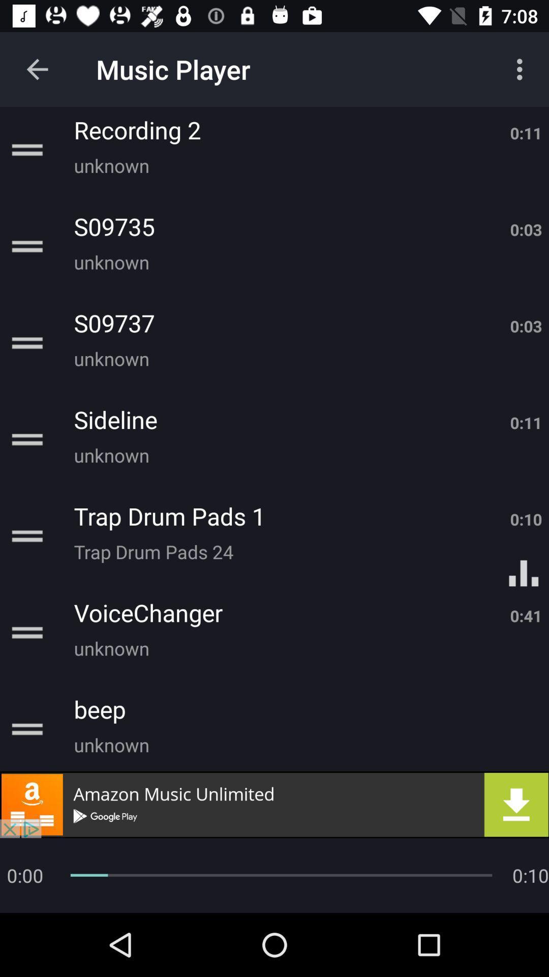  What do you see at coordinates (274, 804) in the screenshot?
I see `advertisement` at bounding box center [274, 804].